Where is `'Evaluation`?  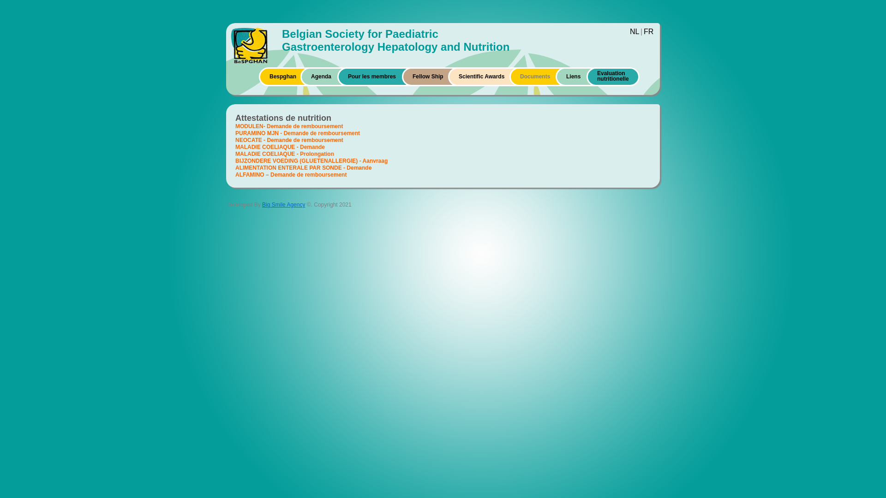
'Evaluation is located at coordinates (613, 77).